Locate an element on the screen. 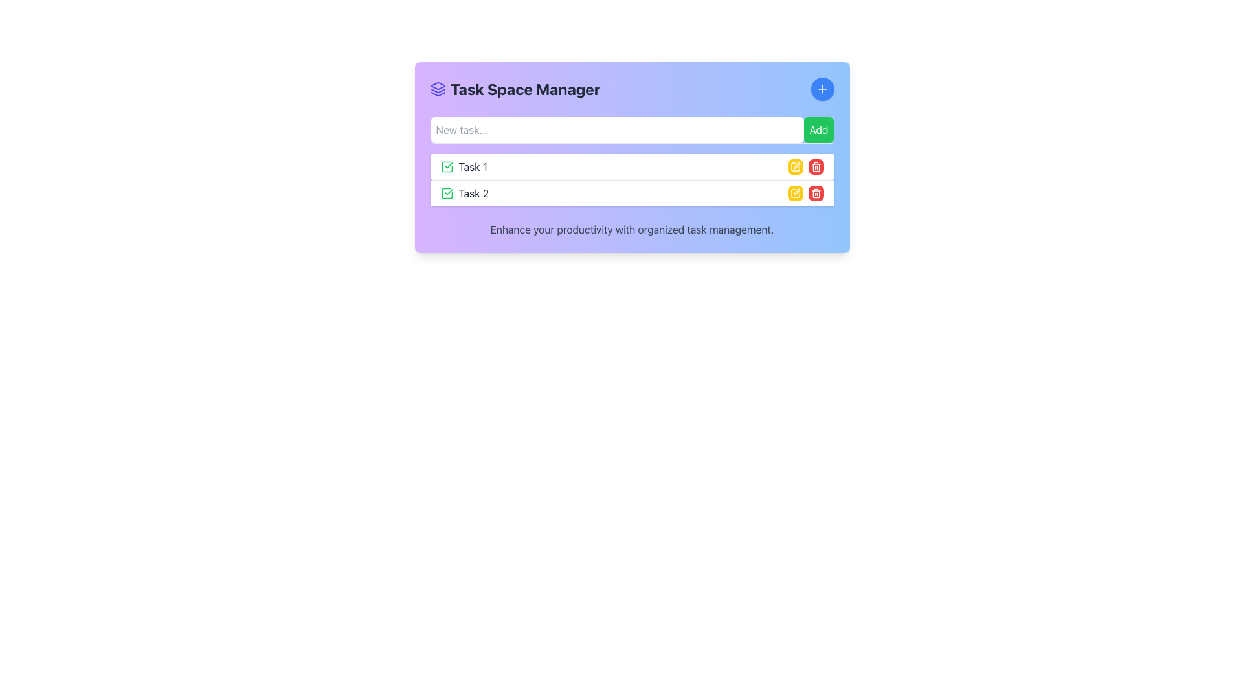 This screenshot has height=699, width=1243. the 'Task Space Manager' title heading, which is a bold, large text component in dark gray color, positioned adjacent to an indigo icon and aligned horizontally with a blue circular button is located at coordinates (514, 89).